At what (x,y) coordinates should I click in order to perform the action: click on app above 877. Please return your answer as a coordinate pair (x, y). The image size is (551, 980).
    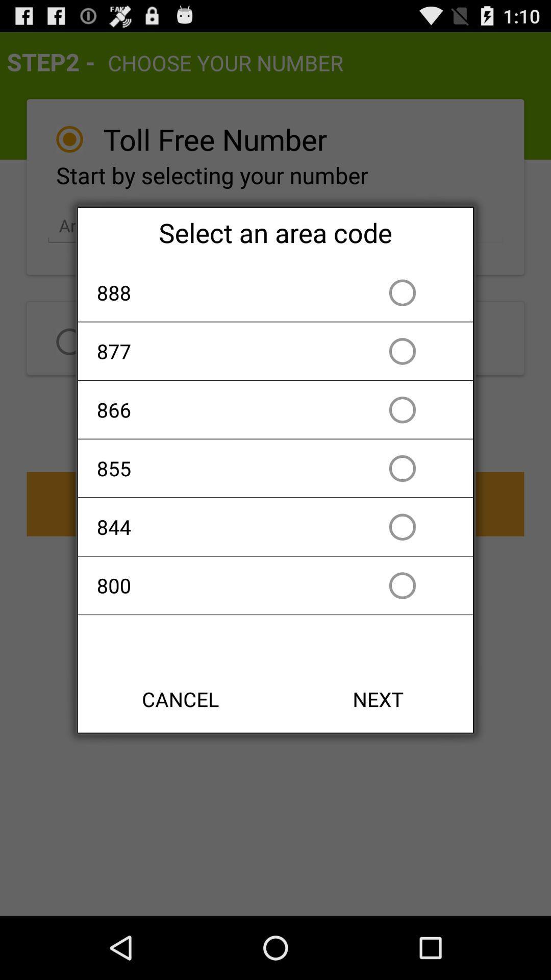
    Looking at the image, I should click on (216, 292).